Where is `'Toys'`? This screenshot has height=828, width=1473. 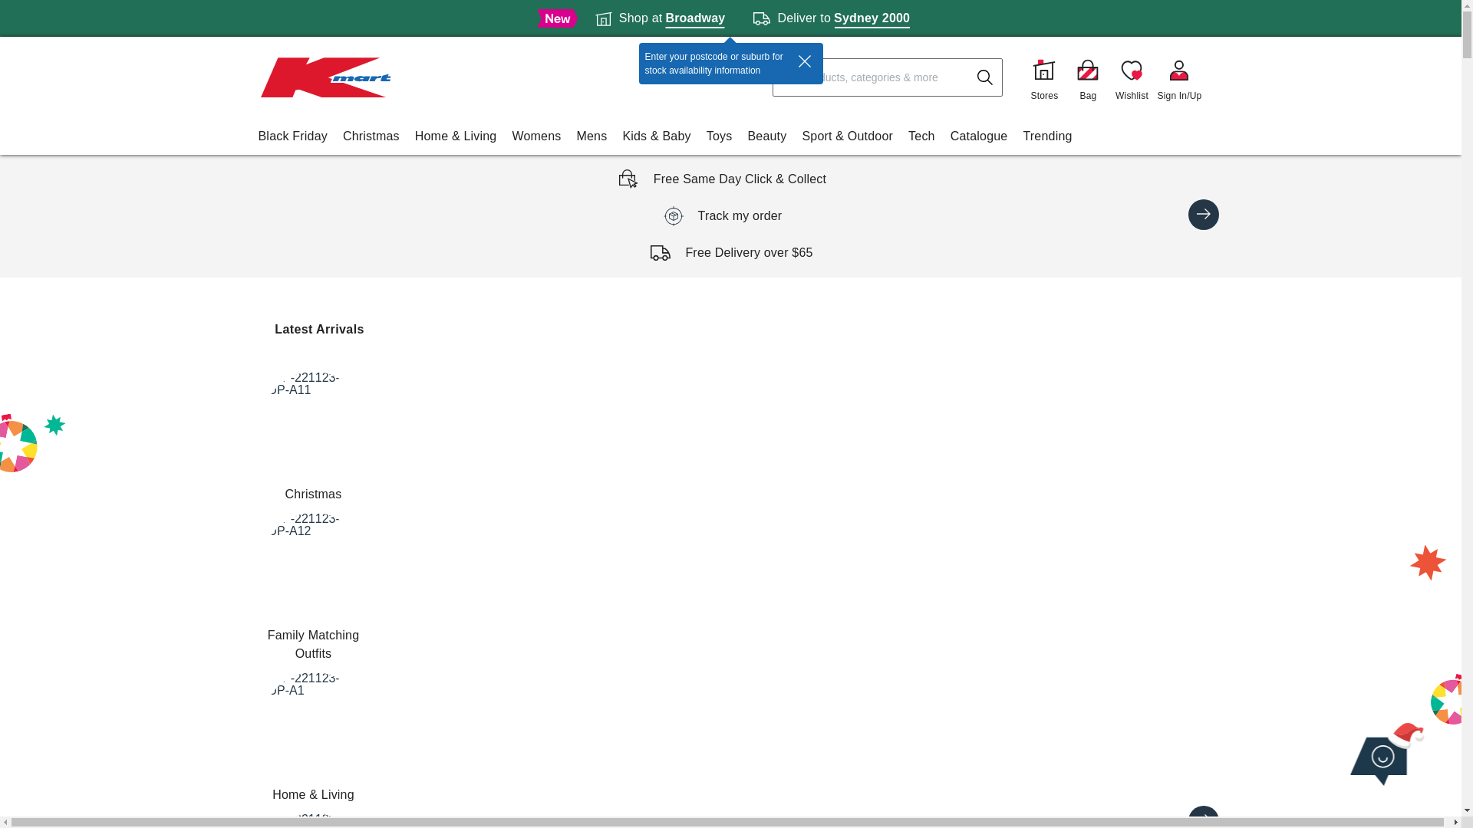 'Toys' is located at coordinates (718, 135).